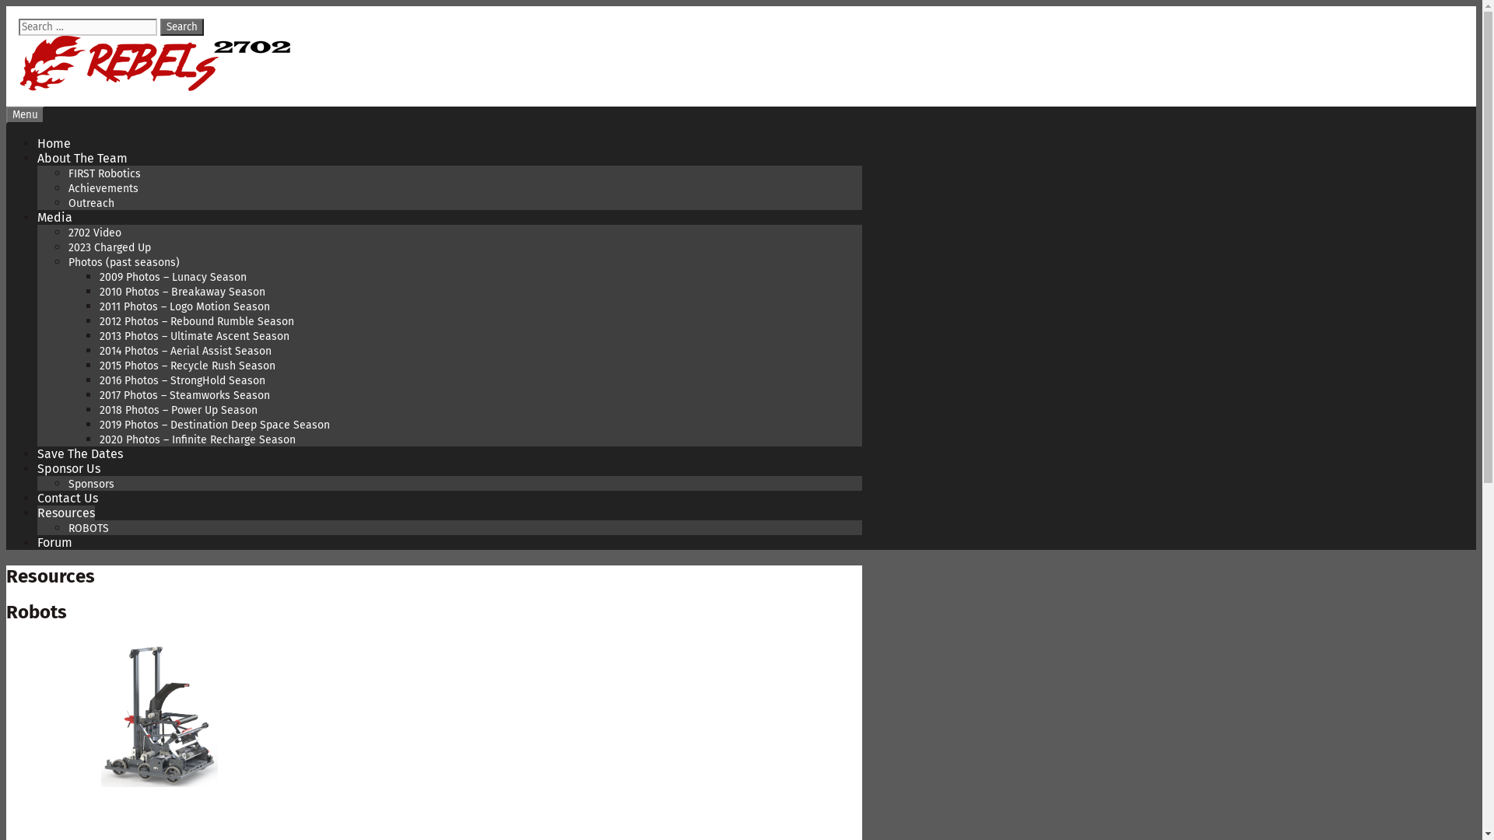 This screenshot has width=1494, height=840. What do you see at coordinates (155, 62) in the screenshot?
I see `'2702 Rebels'` at bounding box center [155, 62].